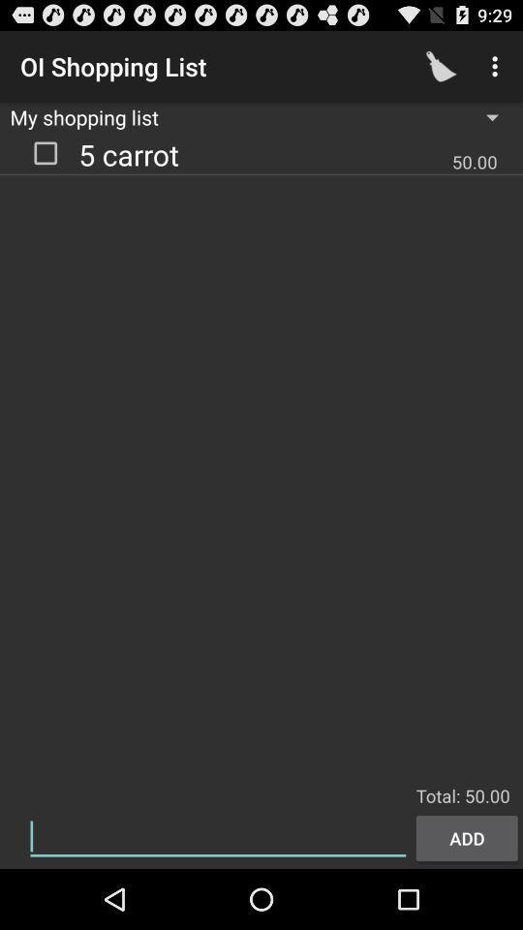 This screenshot has width=523, height=930. What do you see at coordinates (46, 151) in the screenshot?
I see `place a checkmark` at bounding box center [46, 151].